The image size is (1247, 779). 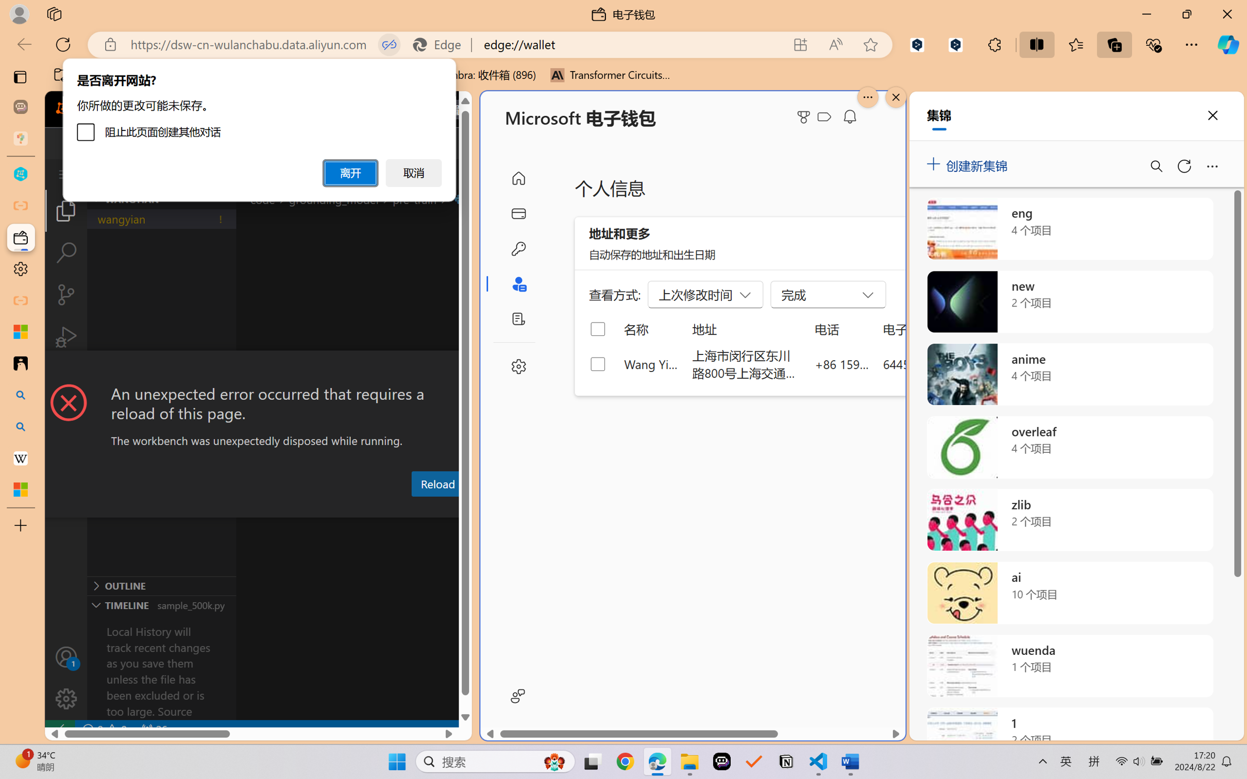 I want to click on 'Adjust indents and spacing - Microsoft Support', so click(x=20, y=331).